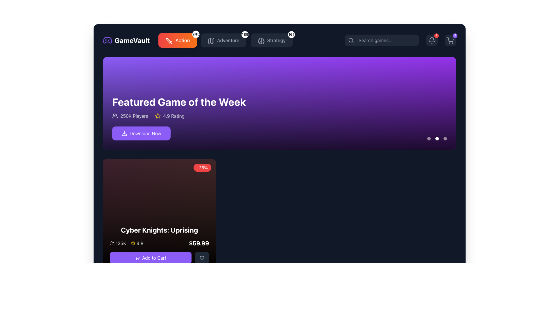  Describe the element at coordinates (351, 40) in the screenshot. I see `the magnifying glass icon within the search bar located in the top-right section of the interface, which is associated with the search function` at that location.